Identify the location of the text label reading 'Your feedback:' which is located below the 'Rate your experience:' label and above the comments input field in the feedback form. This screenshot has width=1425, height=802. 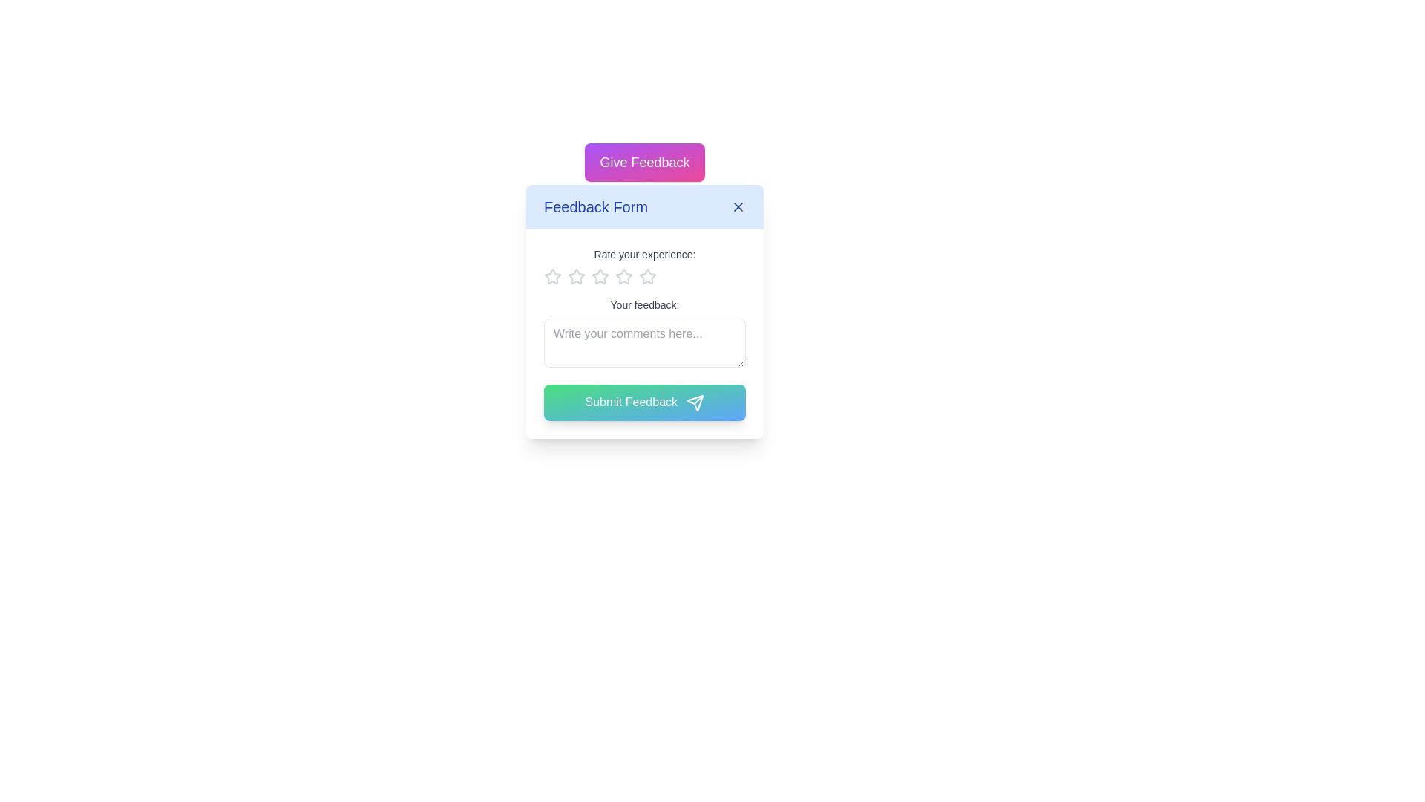
(644, 304).